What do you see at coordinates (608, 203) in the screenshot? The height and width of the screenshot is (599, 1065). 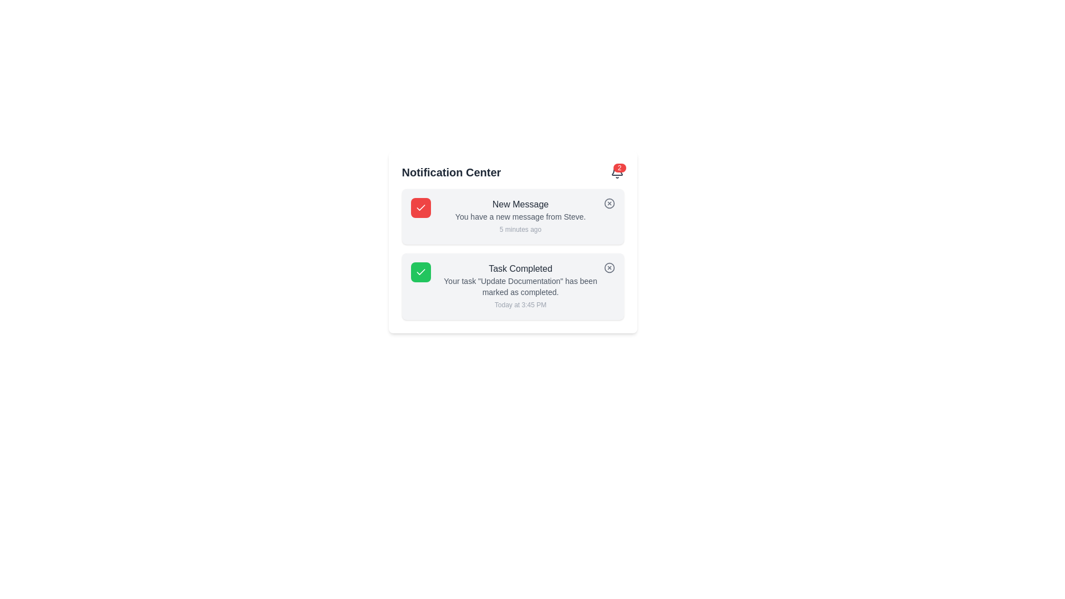 I see `circular SVG graphic element styled as a border with no fill, located within the close icon of the 'New Message' notification card in the top-right corner` at bounding box center [608, 203].